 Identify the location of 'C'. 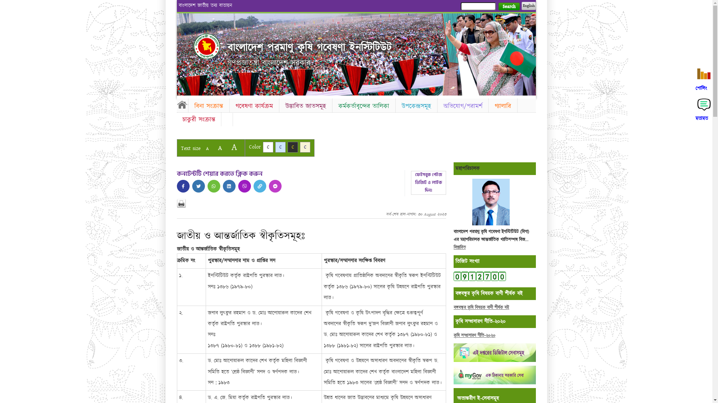
(280, 147).